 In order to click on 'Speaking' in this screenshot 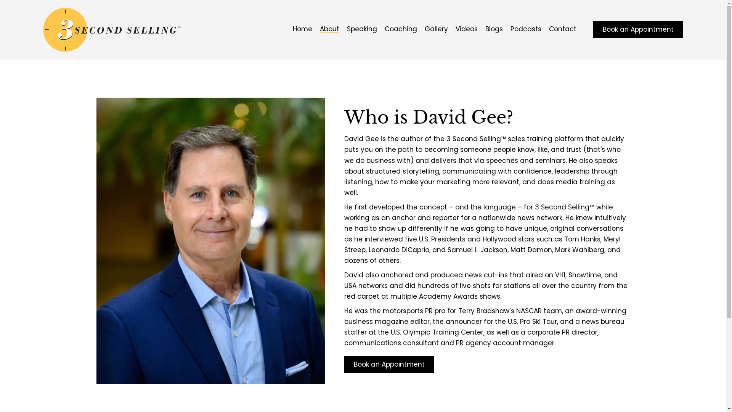, I will do `click(347, 29)`.